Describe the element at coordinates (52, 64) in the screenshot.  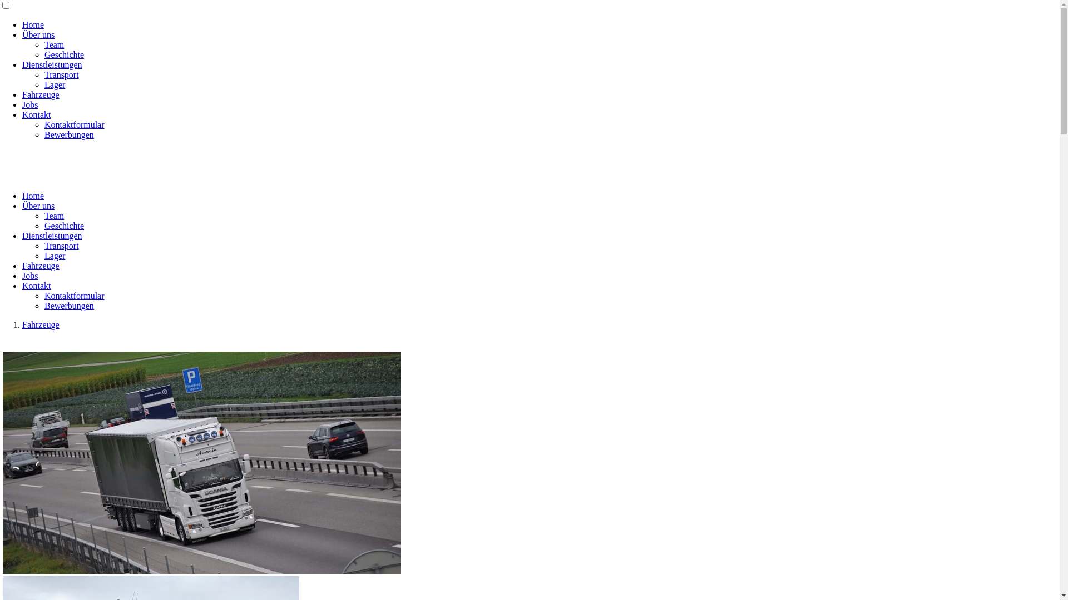
I see `'Dienstleistungen'` at that location.